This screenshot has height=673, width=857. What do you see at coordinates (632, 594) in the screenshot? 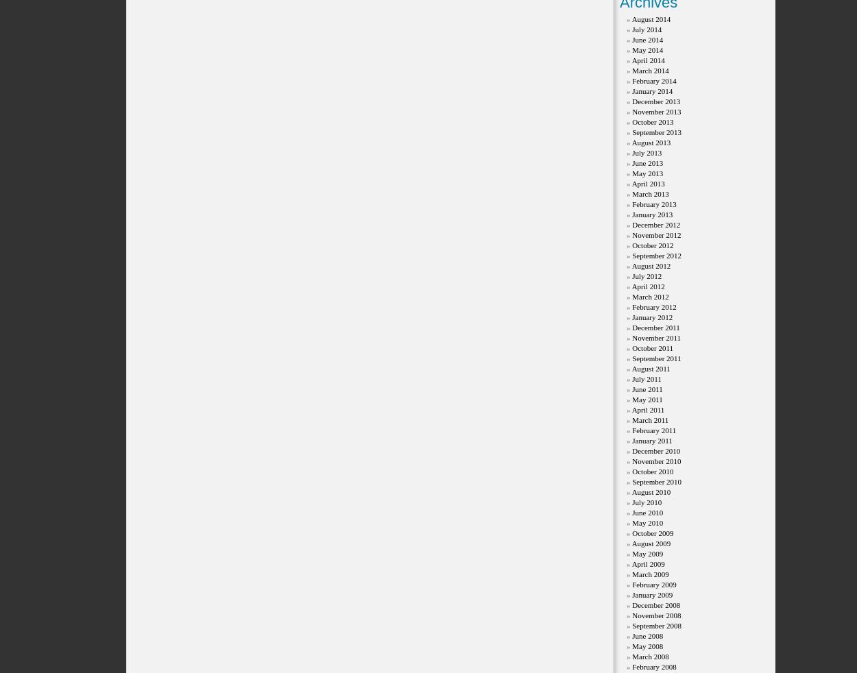
I see `'January 2009'` at bounding box center [632, 594].